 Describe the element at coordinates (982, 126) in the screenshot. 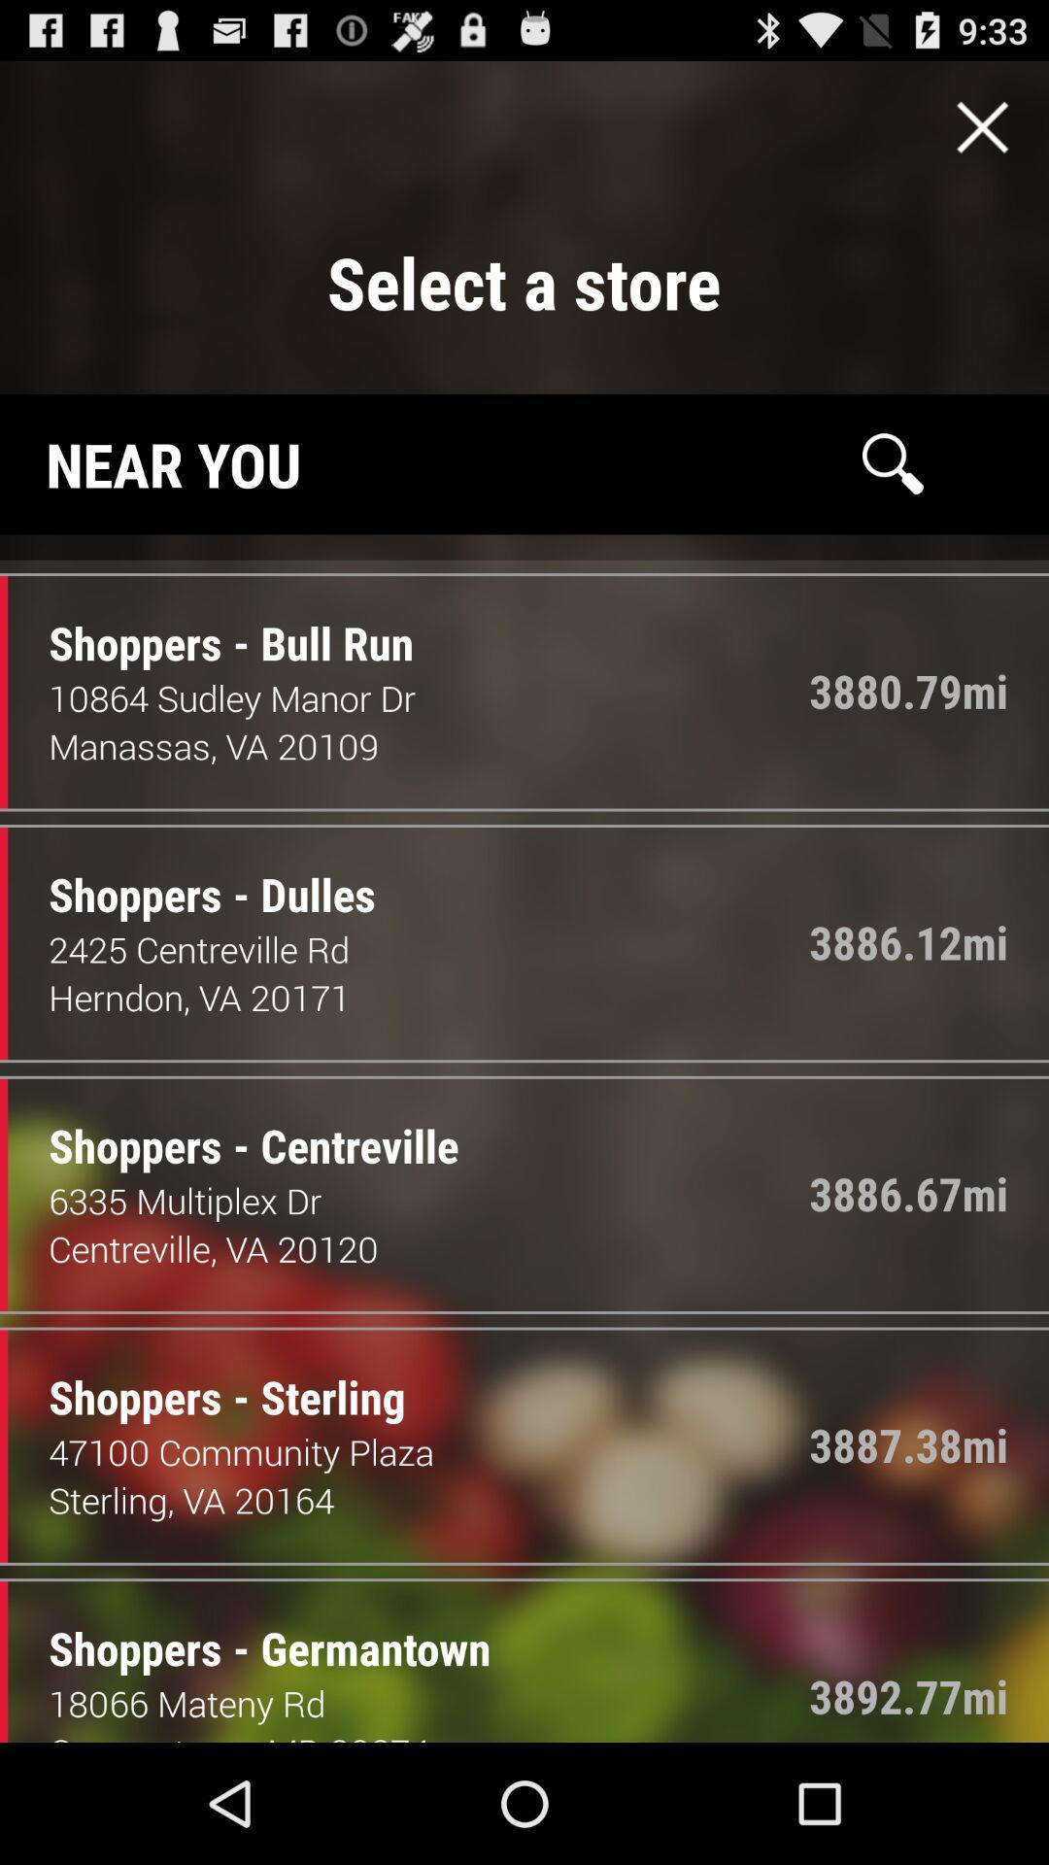

I see `exit screen` at that location.